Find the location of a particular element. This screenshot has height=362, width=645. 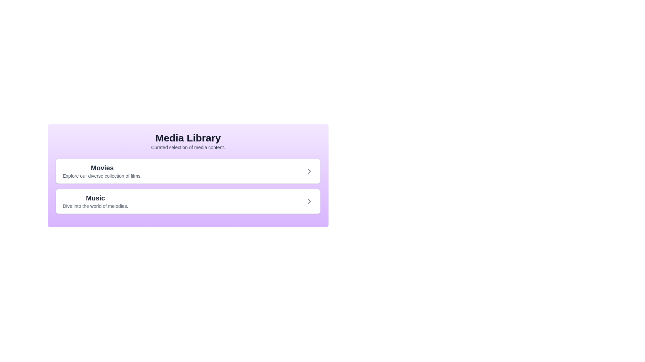

the descriptive text label located below the 'Media Library' title, which provides context for the 'Media Library' section is located at coordinates (188, 147).